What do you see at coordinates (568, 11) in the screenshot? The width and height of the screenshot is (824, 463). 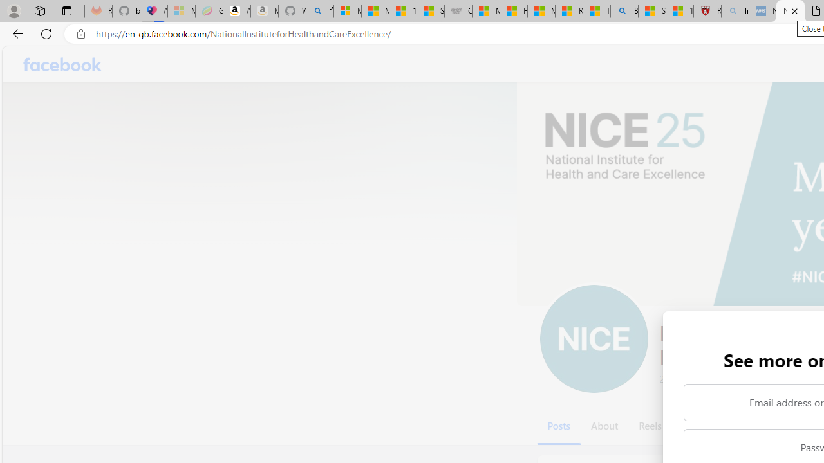 I see `'Recipes - MSN'` at bounding box center [568, 11].